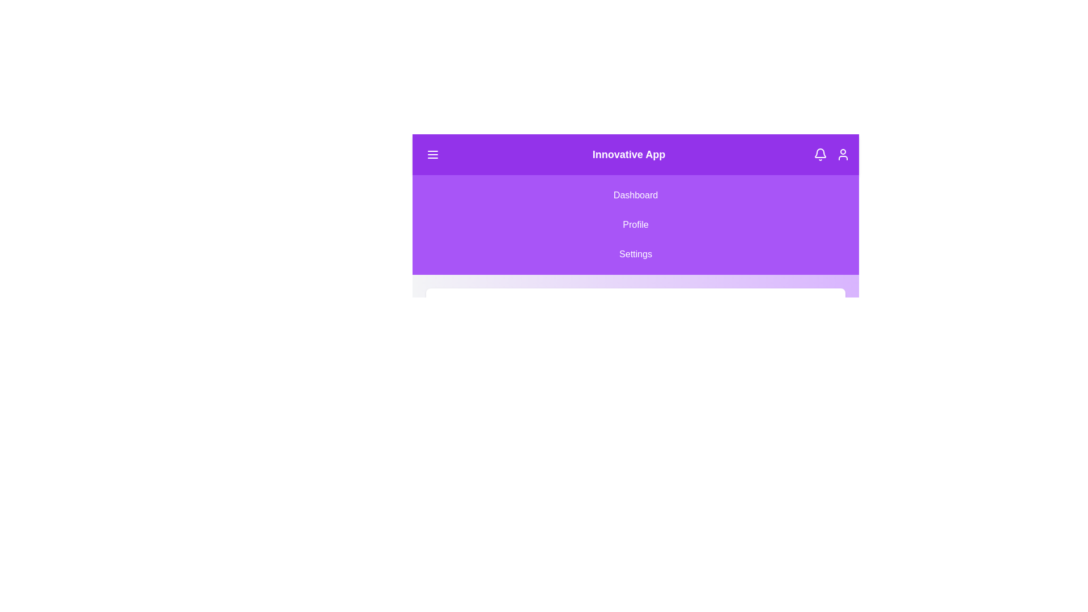 The height and width of the screenshot is (612, 1088). I want to click on the menu icon to toggle the navigation menu, so click(432, 155).